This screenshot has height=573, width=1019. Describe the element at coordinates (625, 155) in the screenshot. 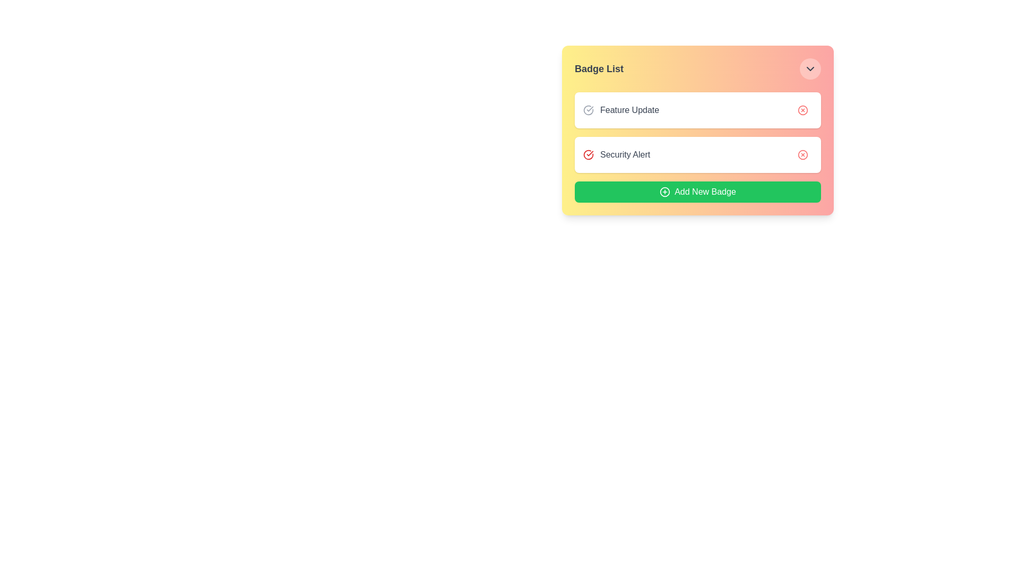

I see `the Text Label displaying 'Security Alert' located in the second row of the 'Badge List'` at that location.